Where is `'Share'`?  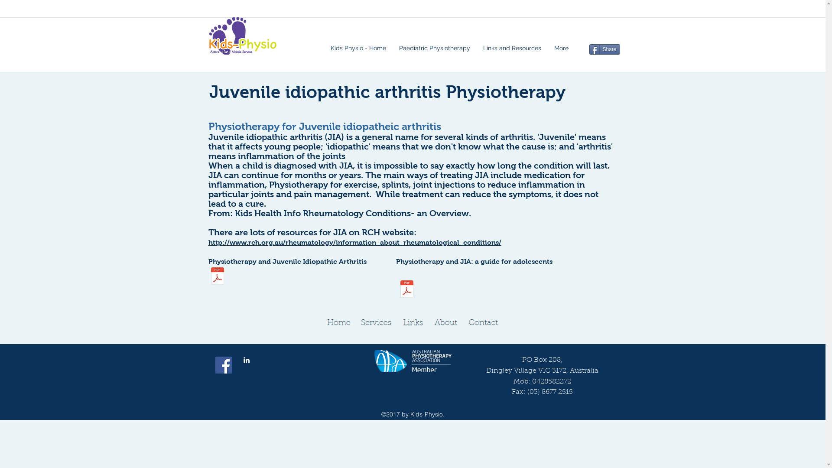
'Share' is located at coordinates (604, 49).